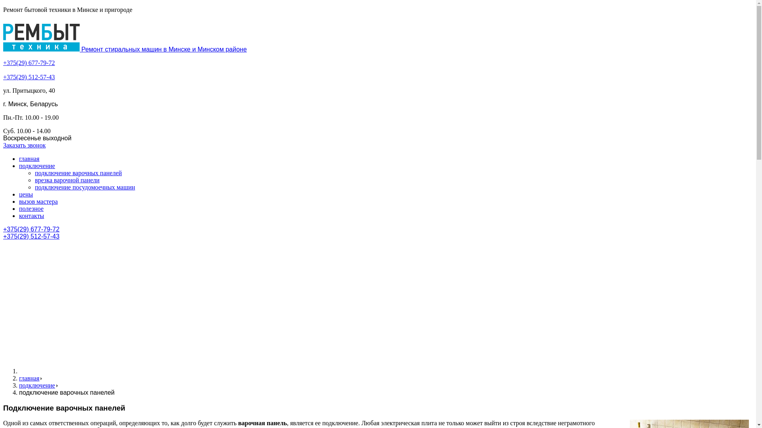  I want to click on '+375(29) 677-79-72', so click(3, 229).